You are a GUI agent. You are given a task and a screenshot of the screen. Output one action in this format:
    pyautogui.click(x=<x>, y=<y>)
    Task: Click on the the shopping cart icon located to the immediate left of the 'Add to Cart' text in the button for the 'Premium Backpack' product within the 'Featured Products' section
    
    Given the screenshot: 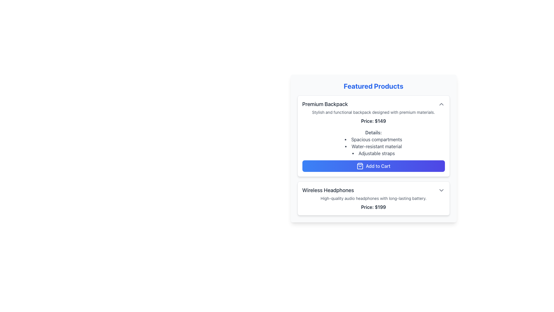 What is the action you would take?
    pyautogui.click(x=360, y=166)
    